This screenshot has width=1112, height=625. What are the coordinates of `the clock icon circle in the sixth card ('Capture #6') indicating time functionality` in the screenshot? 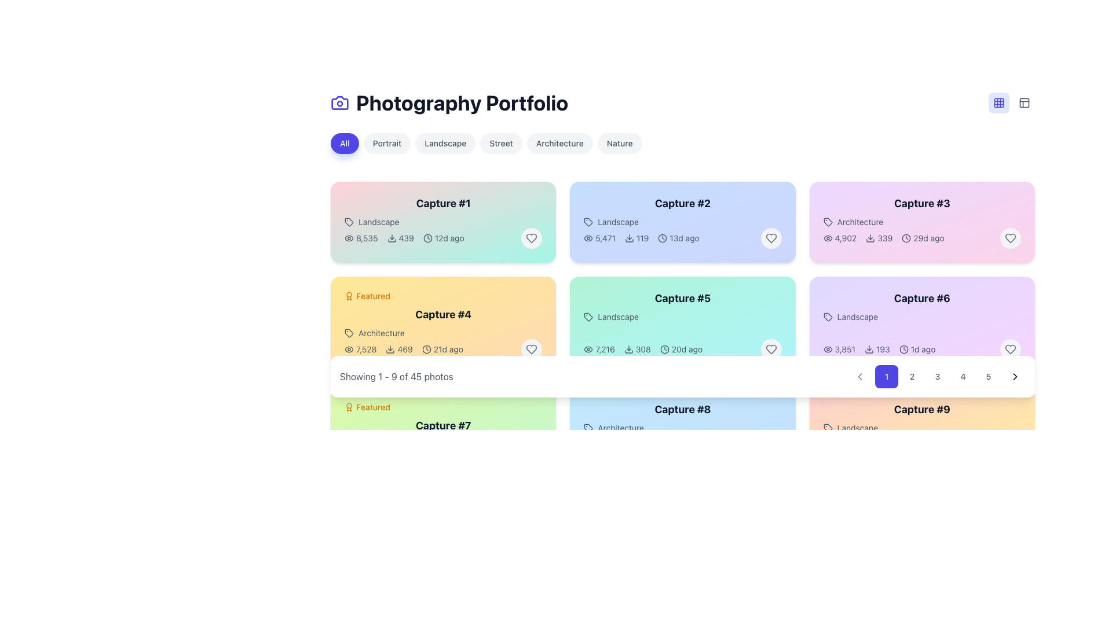 It's located at (903, 349).